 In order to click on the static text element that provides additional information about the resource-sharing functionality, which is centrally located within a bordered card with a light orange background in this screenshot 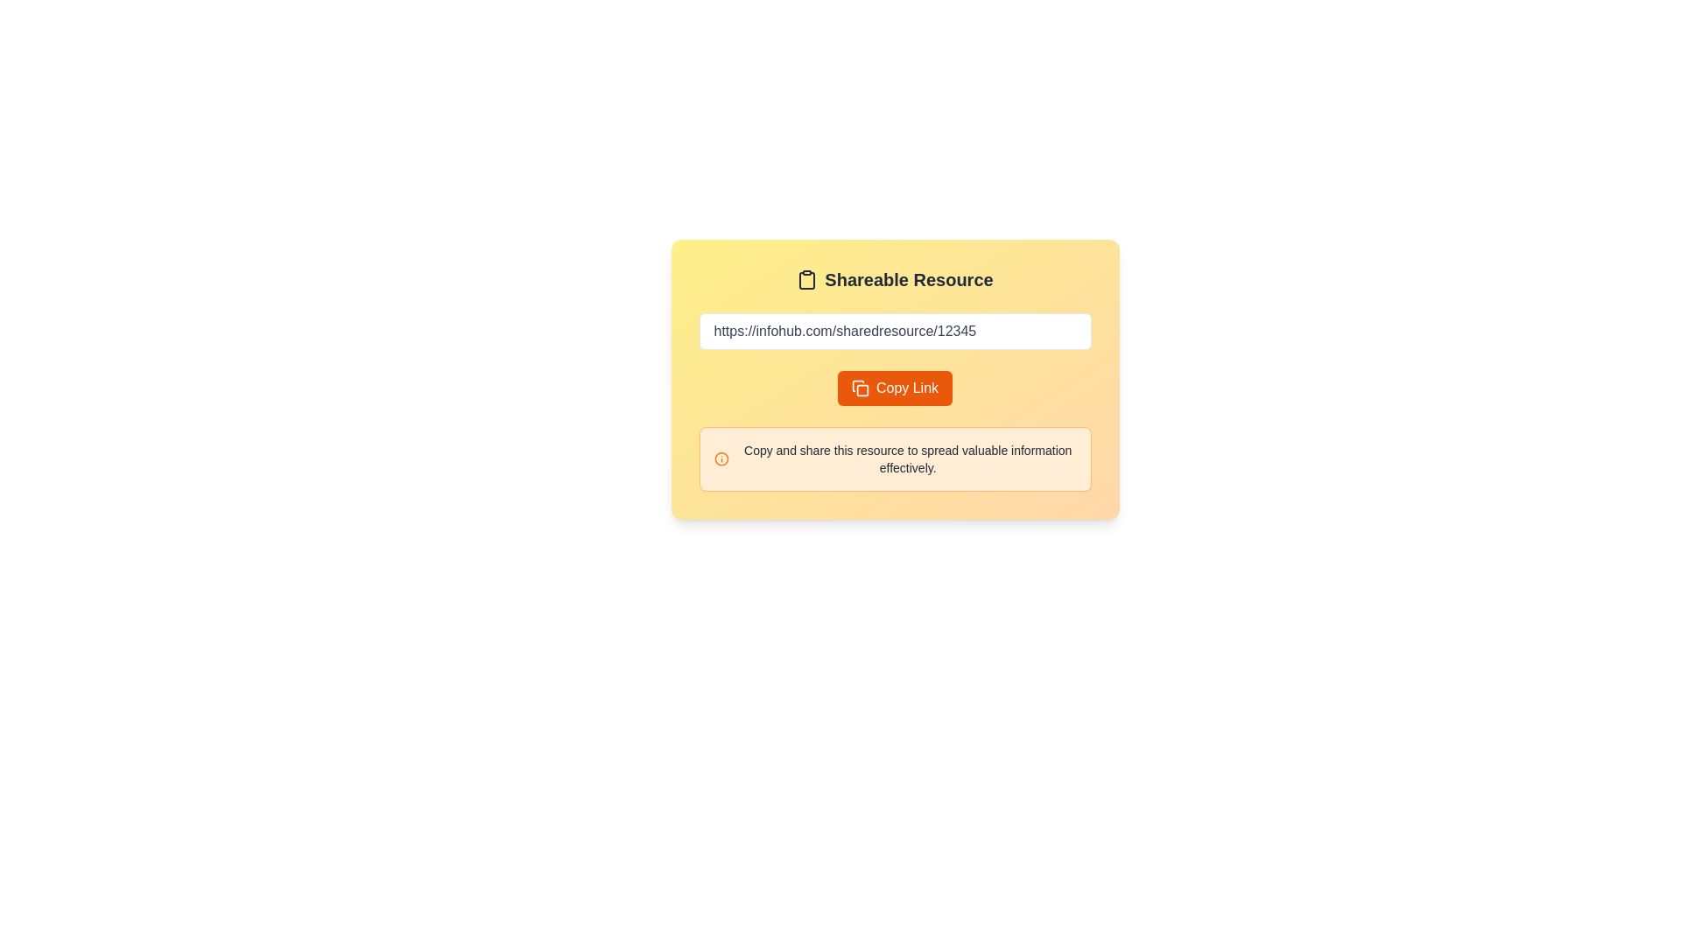, I will do `click(908, 458)`.